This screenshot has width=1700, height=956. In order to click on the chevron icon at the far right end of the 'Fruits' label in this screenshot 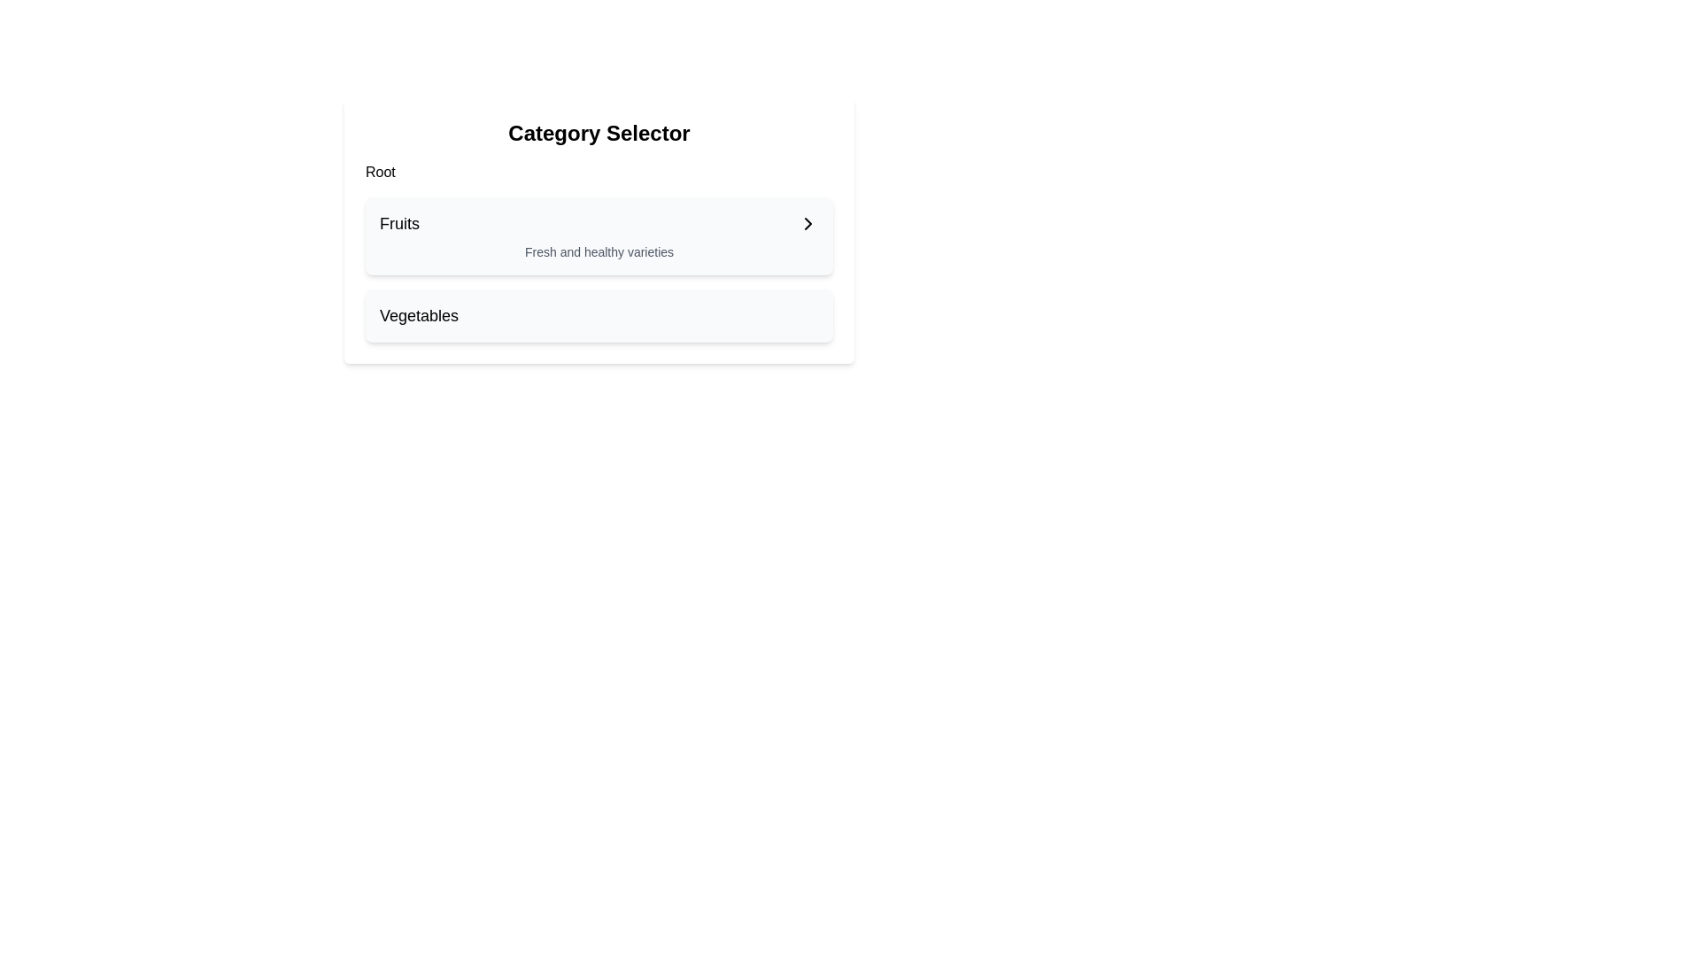, I will do `click(807, 223)`.